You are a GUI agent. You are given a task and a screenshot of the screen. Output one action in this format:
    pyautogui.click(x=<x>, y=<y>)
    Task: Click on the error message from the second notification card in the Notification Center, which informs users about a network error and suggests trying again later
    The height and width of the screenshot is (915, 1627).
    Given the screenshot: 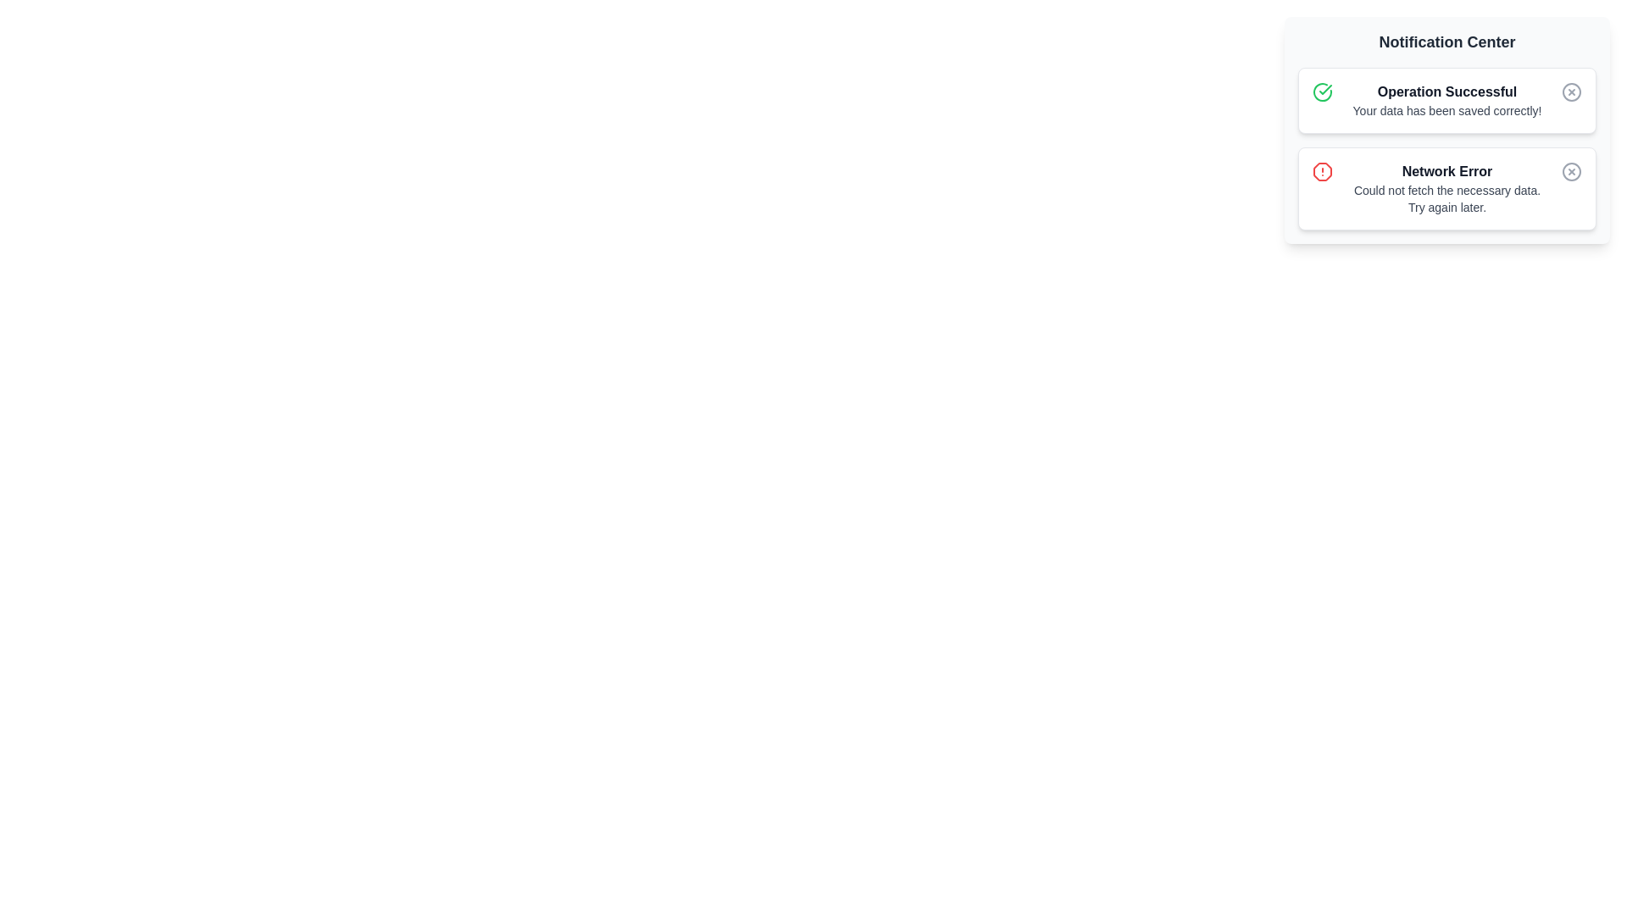 What is the action you would take?
    pyautogui.click(x=1447, y=189)
    